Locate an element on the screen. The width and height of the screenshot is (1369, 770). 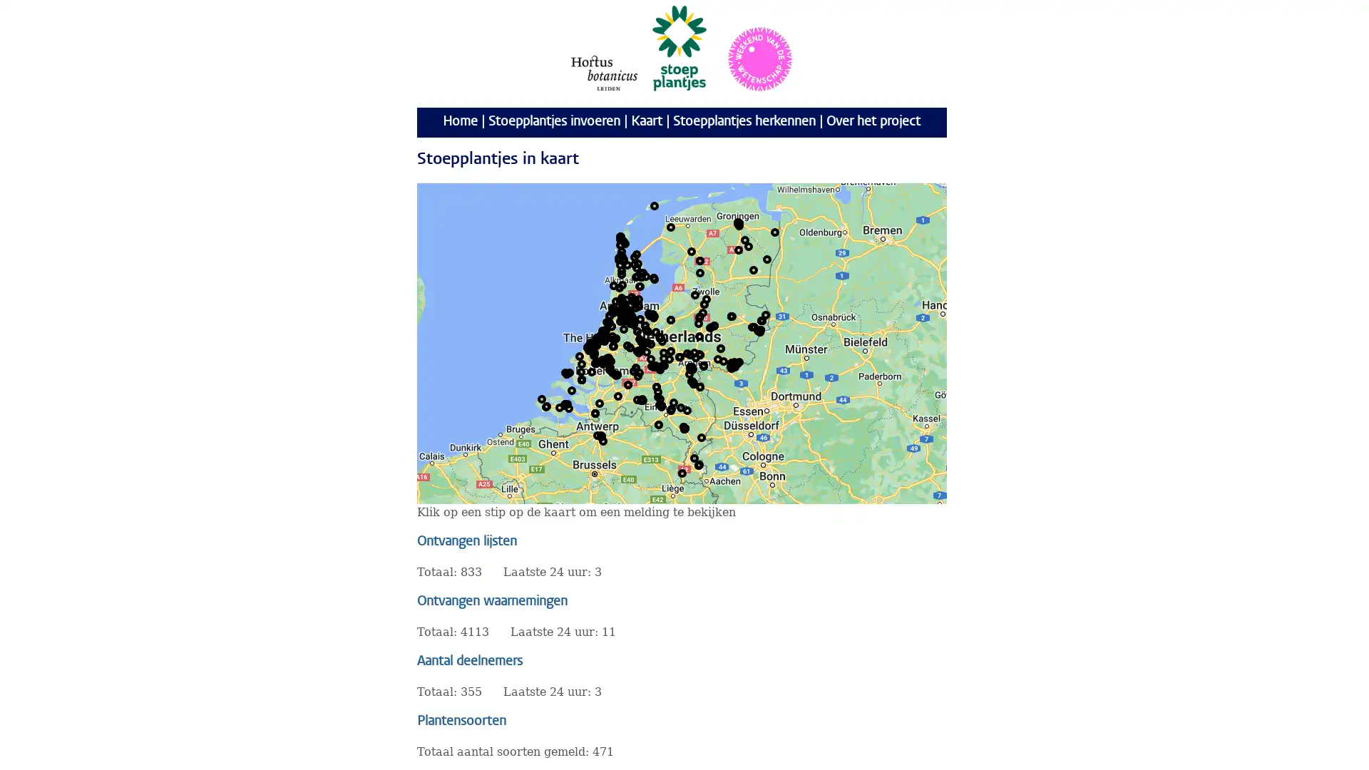
Telling van Ton Frenken op 24 april 2022 is located at coordinates (684, 427).